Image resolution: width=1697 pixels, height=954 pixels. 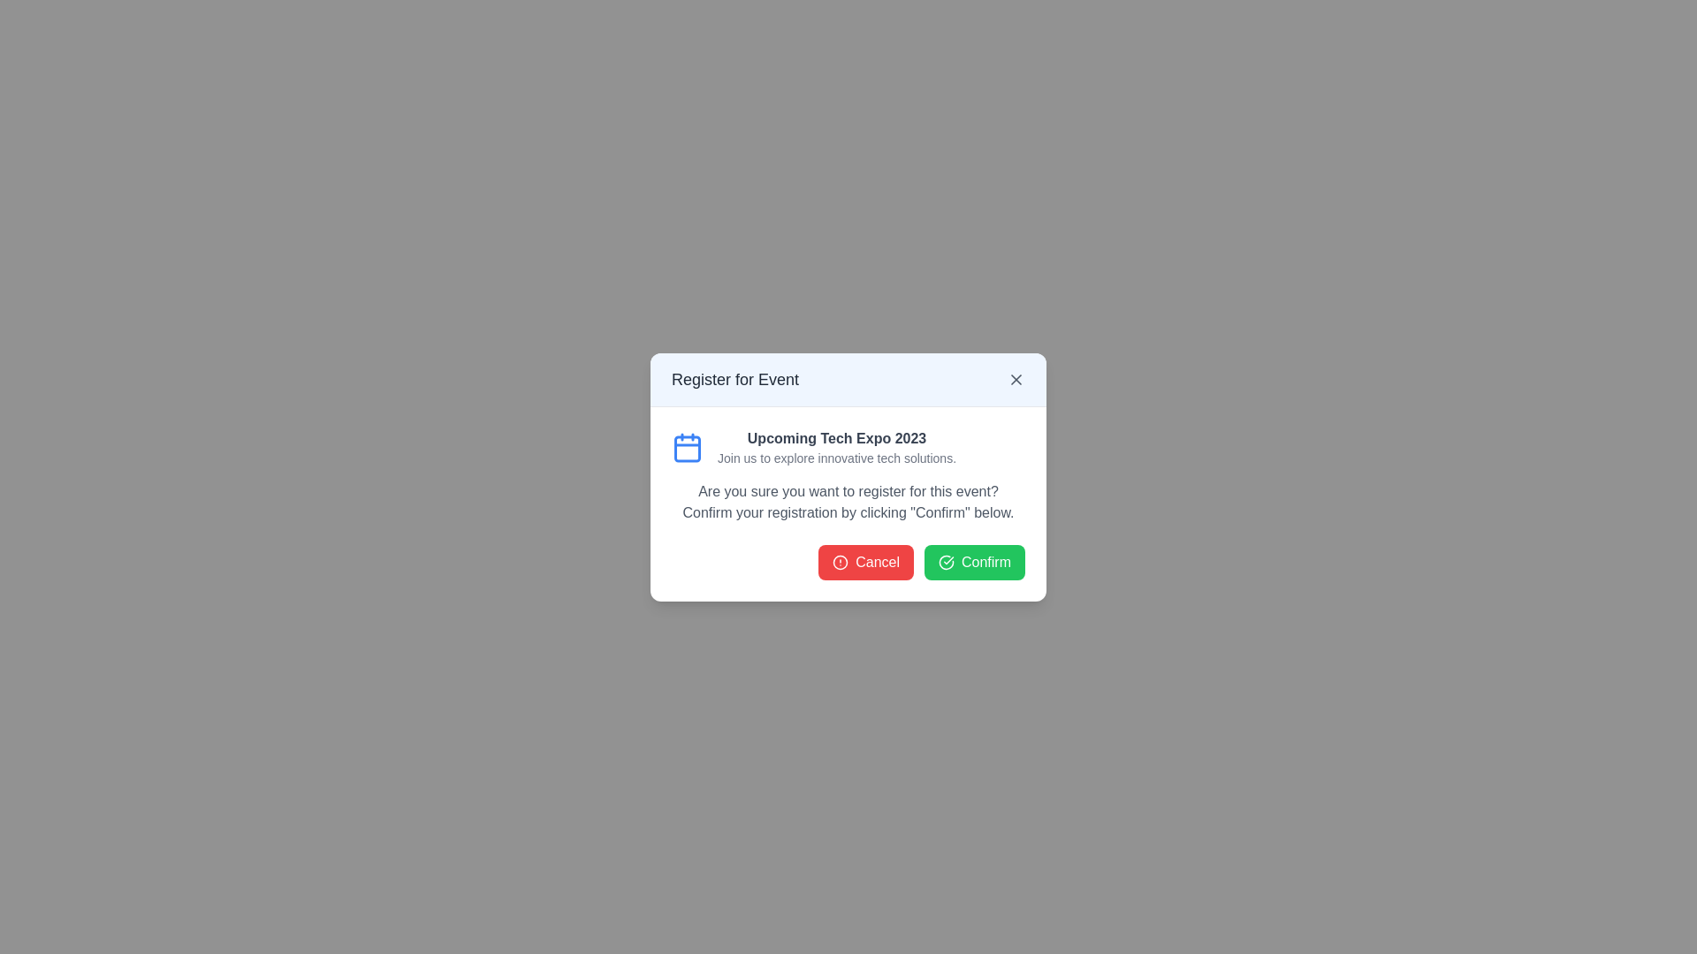 I want to click on the green checkmark icon inside a circle, located to the left of the 'Confirm' label in the bottom-right area of the modal dialog box, so click(x=945, y=562).